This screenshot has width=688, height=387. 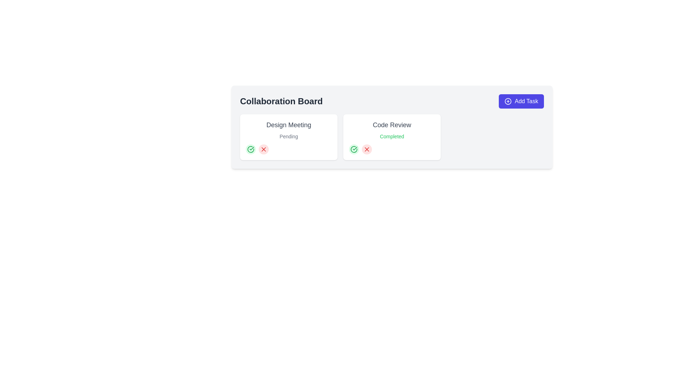 I want to click on the red rejection 'X' icon located at the bottom left of the 'Code Review' card, so click(x=367, y=149).